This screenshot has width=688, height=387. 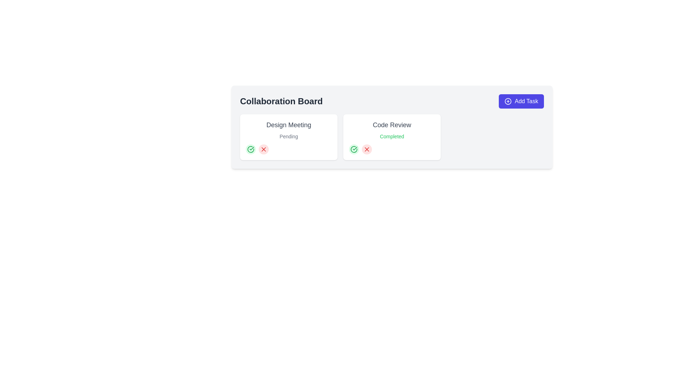 I want to click on the red rejection 'X' icon located at the bottom left of the 'Code Review' card, so click(x=367, y=149).